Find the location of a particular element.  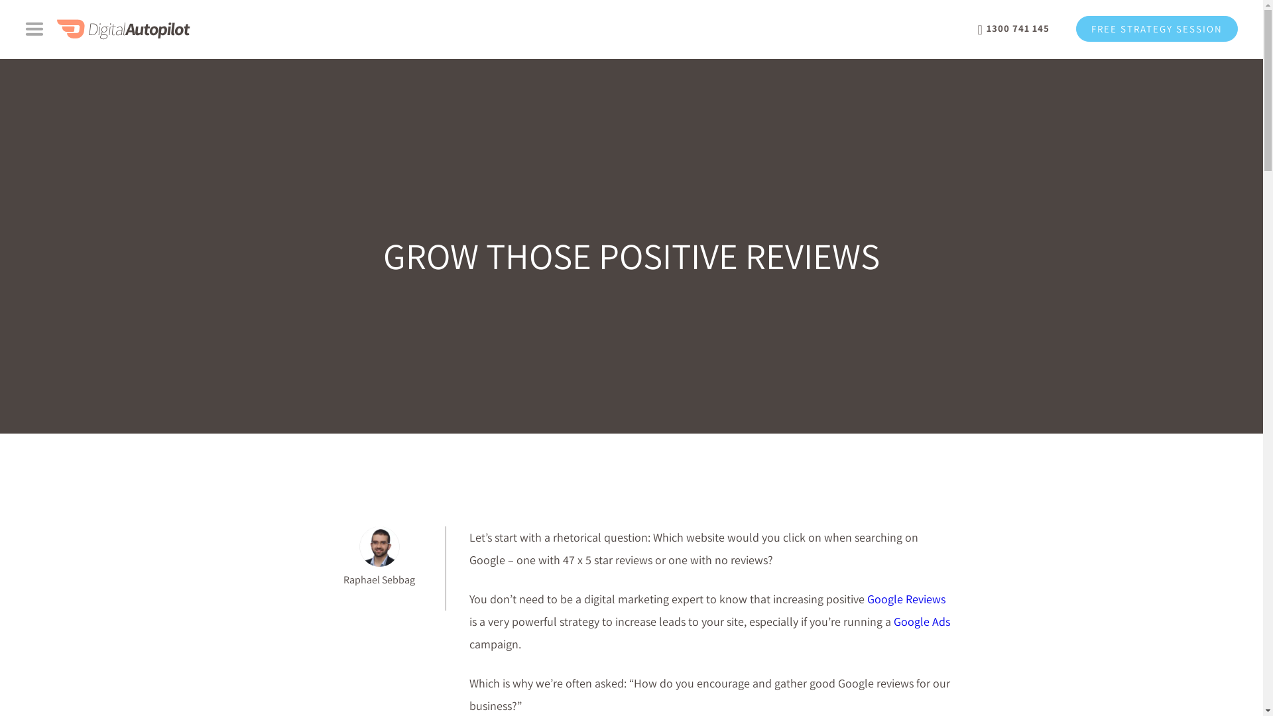

'1300 741 145' is located at coordinates (1013, 29).